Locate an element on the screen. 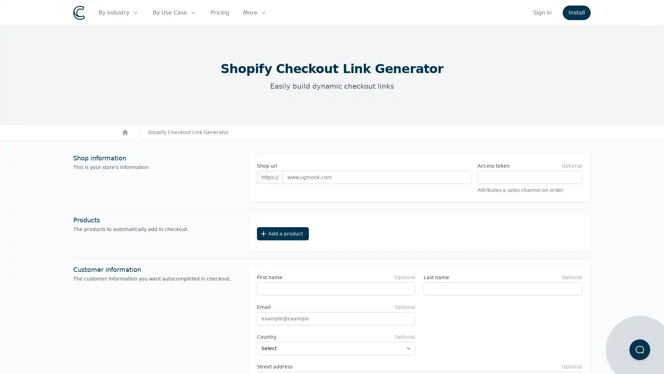 The image size is (664, 374). By Use Case is located at coordinates (175, 13).